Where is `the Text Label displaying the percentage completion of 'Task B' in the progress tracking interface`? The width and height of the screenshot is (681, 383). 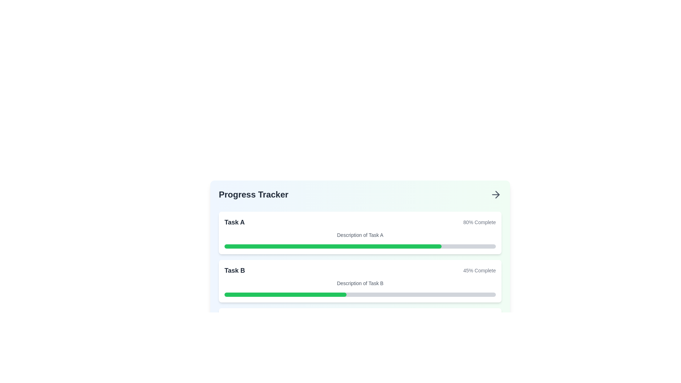 the Text Label displaying the percentage completion of 'Task B' in the progress tracking interface is located at coordinates (480, 271).